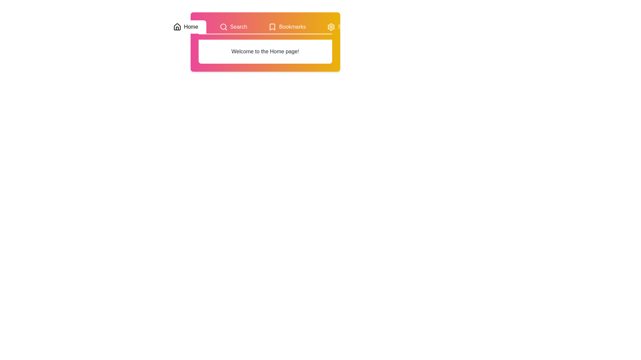 The image size is (641, 360). I want to click on the Bookmarks tab to switch views, so click(287, 27).